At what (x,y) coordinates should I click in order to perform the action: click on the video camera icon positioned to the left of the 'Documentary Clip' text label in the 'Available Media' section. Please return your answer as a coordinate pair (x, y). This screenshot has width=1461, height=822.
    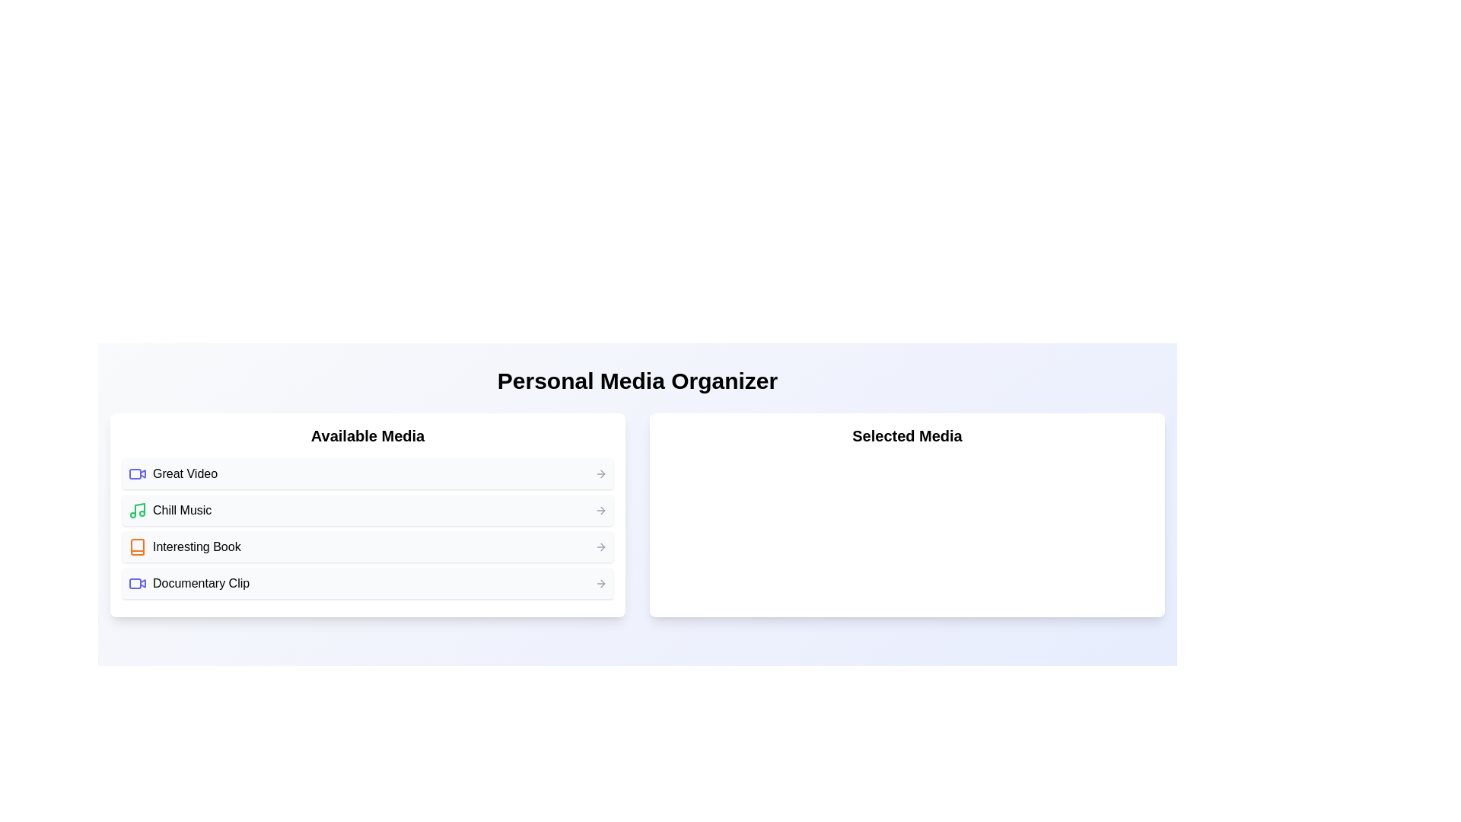
    Looking at the image, I should click on (138, 583).